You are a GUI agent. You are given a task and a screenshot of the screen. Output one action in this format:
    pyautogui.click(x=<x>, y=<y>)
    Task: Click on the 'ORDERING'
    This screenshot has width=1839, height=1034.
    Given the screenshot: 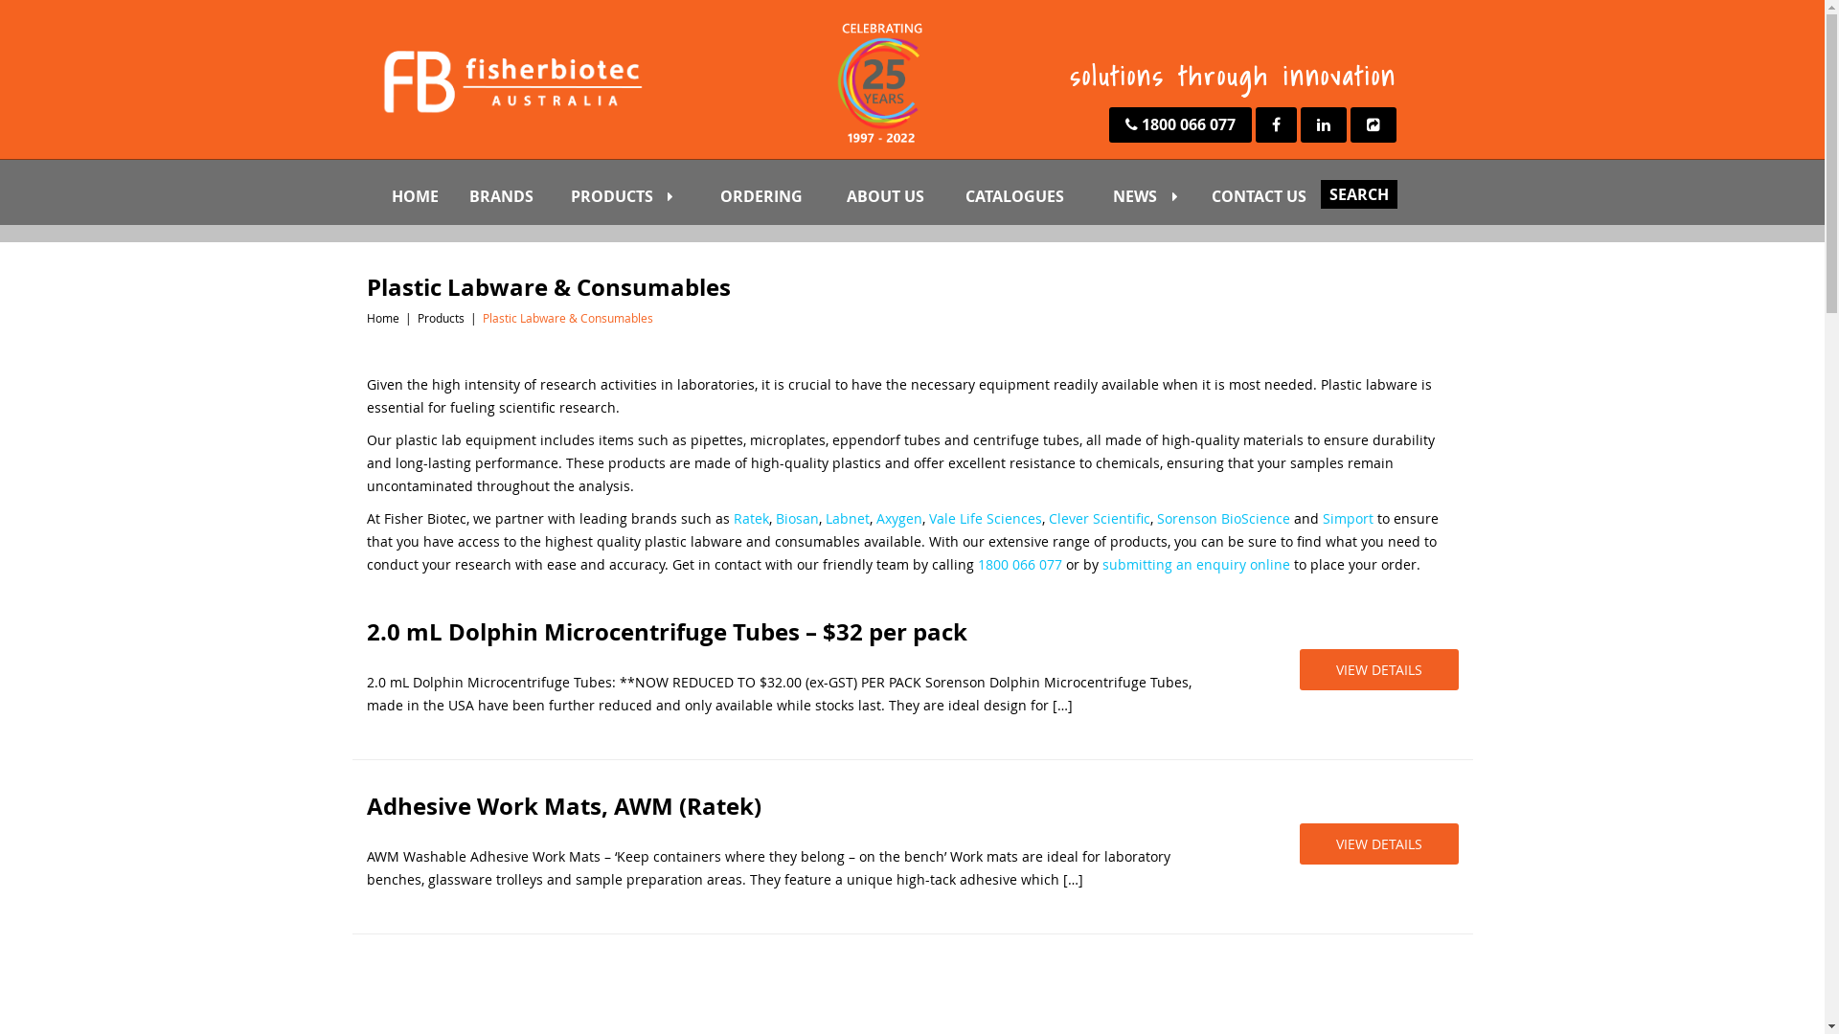 What is the action you would take?
    pyautogui.click(x=777, y=195)
    